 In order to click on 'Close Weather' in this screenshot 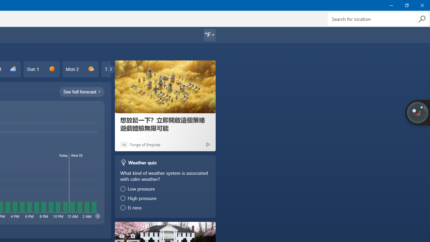, I will do `click(422, 5)`.